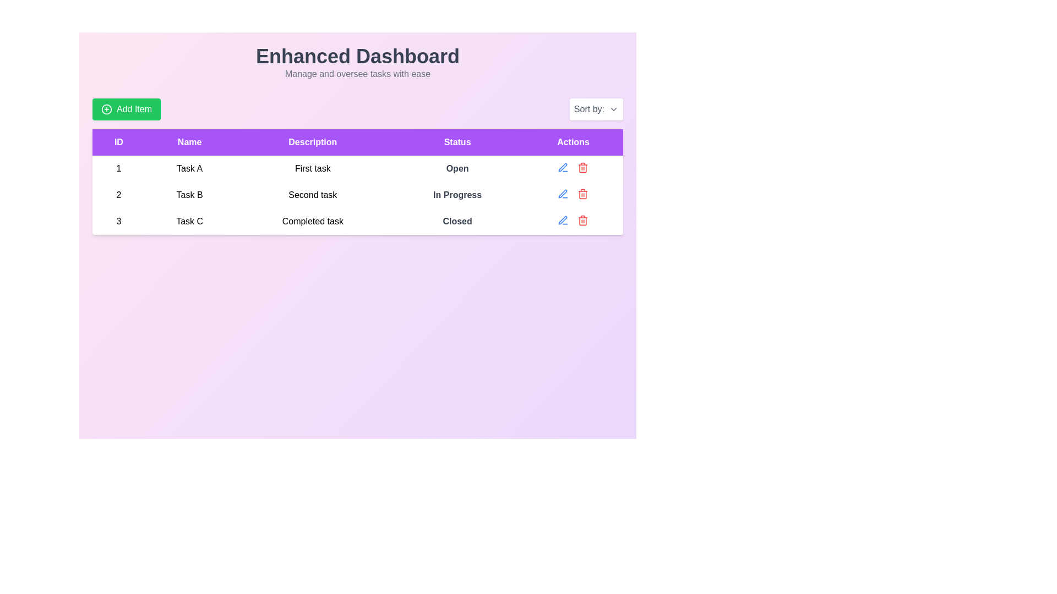 This screenshot has width=1057, height=594. What do you see at coordinates (357, 57) in the screenshot?
I see `the bold, large, centered text reading 'Enhanced Dashboard' in gray font color at the top center of the page` at bounding box center [357, 57].